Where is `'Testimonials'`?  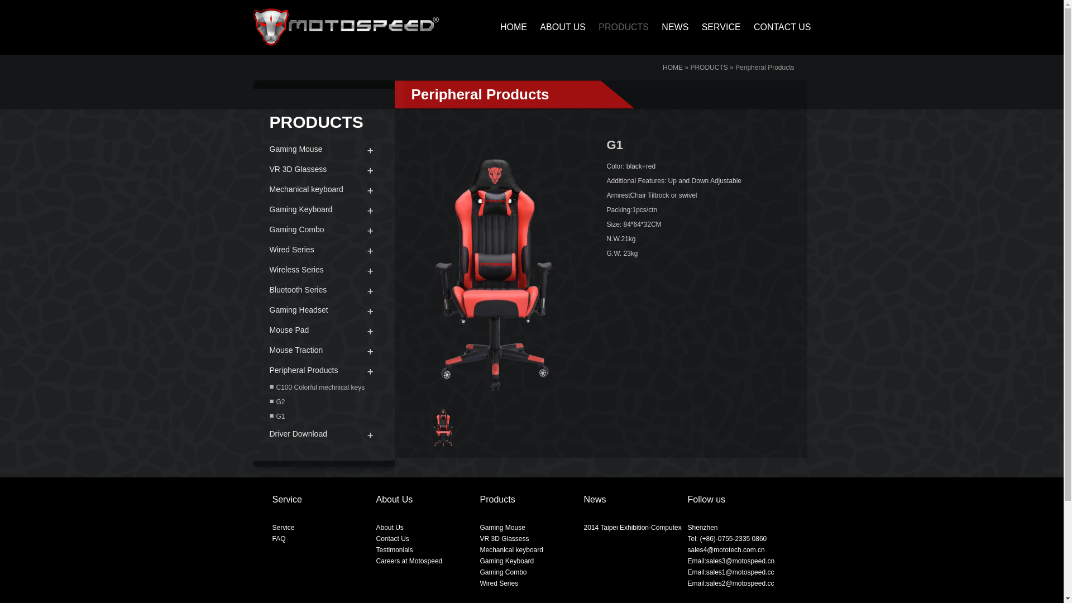
'Testimonials' is located at coordinates (394, 549).